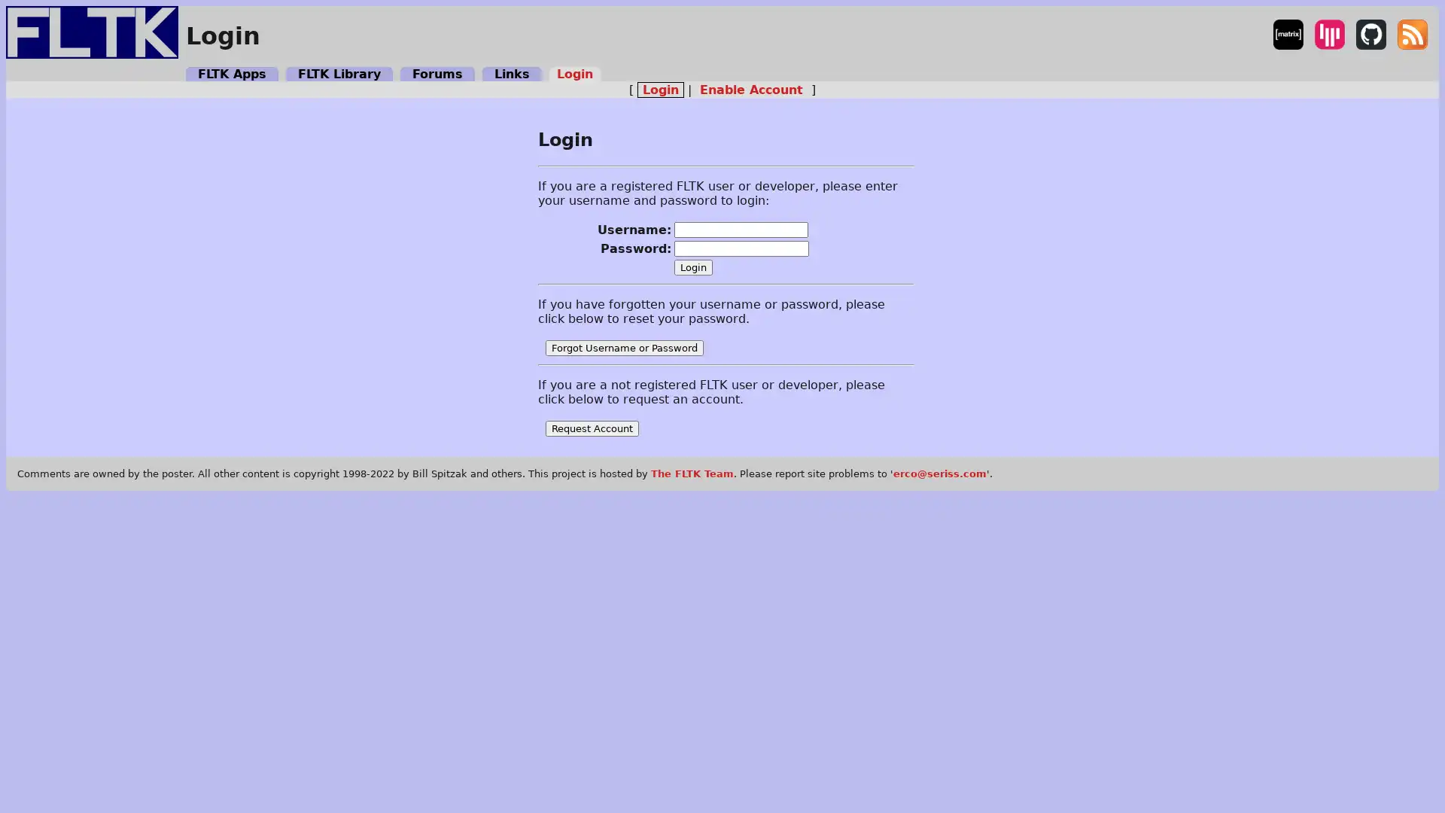  What do you see at coordinates (591, 428) in the screenshot?
I see `Request Account` at bounding box center [591, 428].